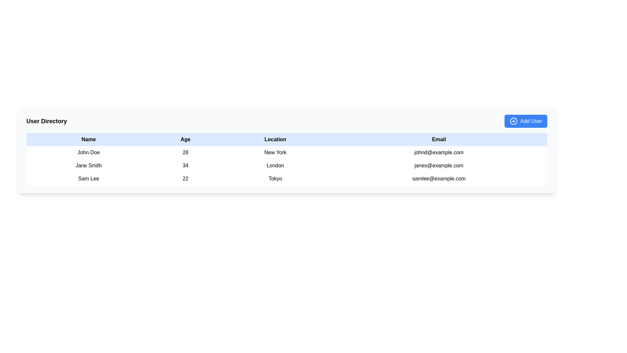  What do you see at coordinates (185, 179) in the screenshot?
I see `the centered numeral '22' in the second column of the third row in a table, which represents the age of Sam Lee` at bounding box center [185, 179].